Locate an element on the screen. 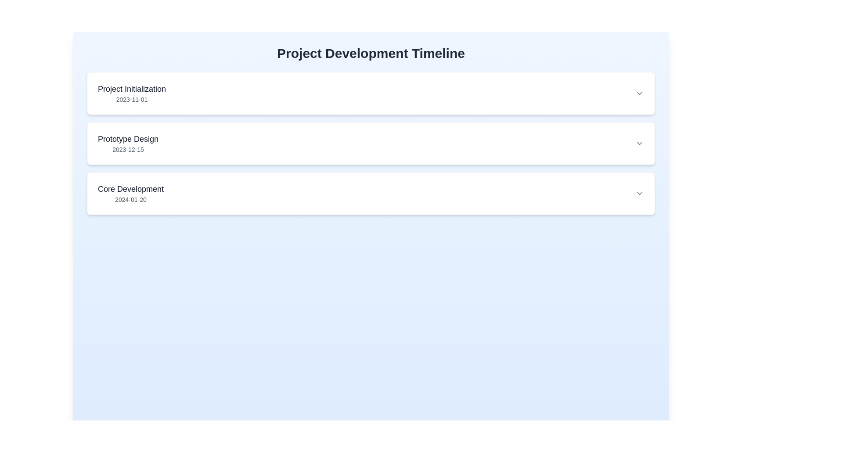  the toggle icon at the far-right end of the first section of project entries is located at coordinates (640, 93).